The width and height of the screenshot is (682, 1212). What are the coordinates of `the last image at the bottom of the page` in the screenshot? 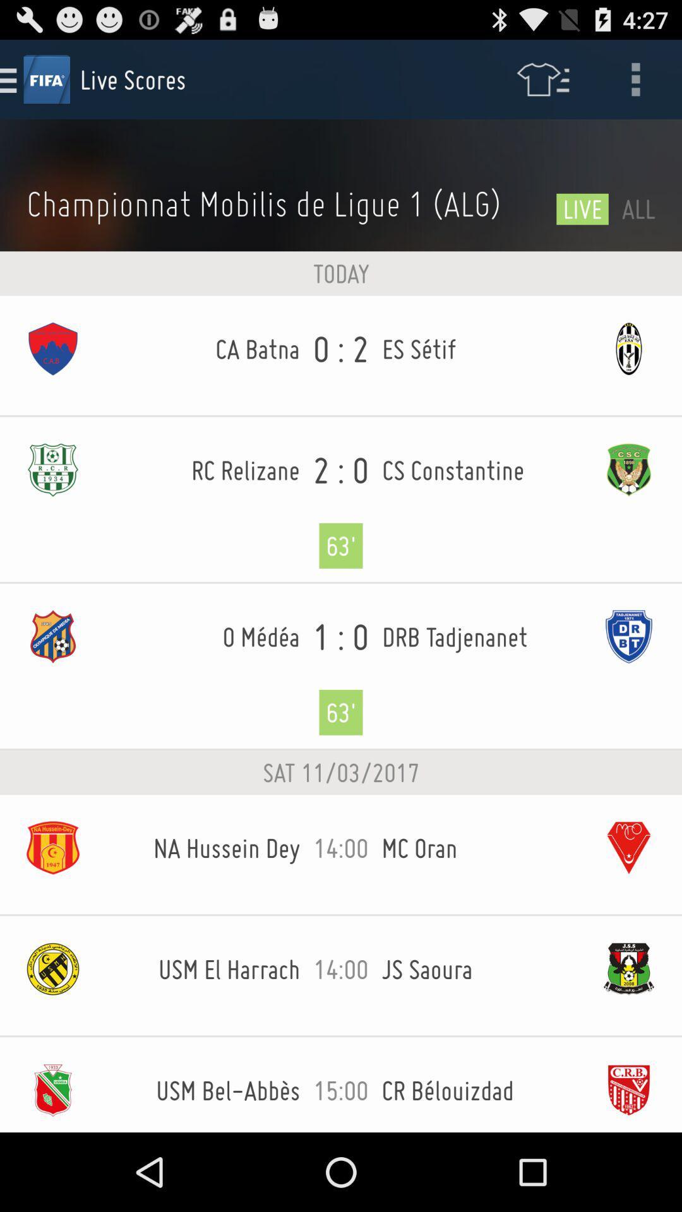 It's located at (615, 1090).